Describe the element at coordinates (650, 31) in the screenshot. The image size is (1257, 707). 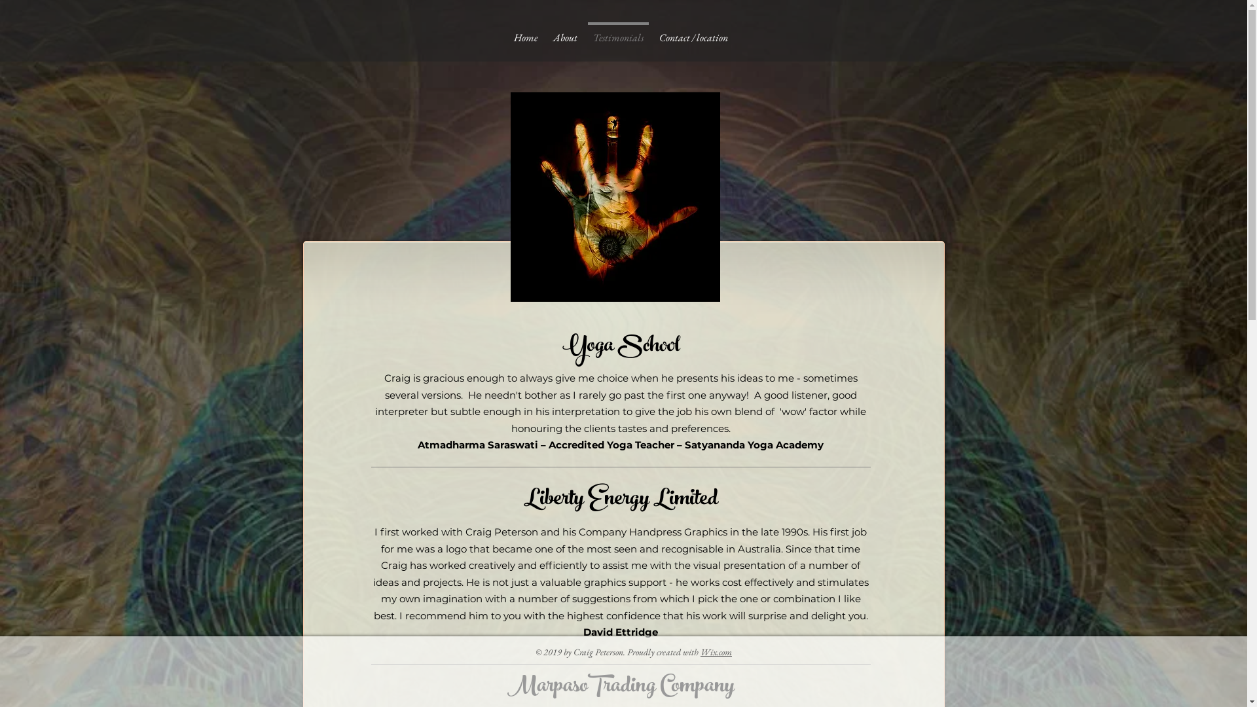
I see `'Contact / location'` at that location.